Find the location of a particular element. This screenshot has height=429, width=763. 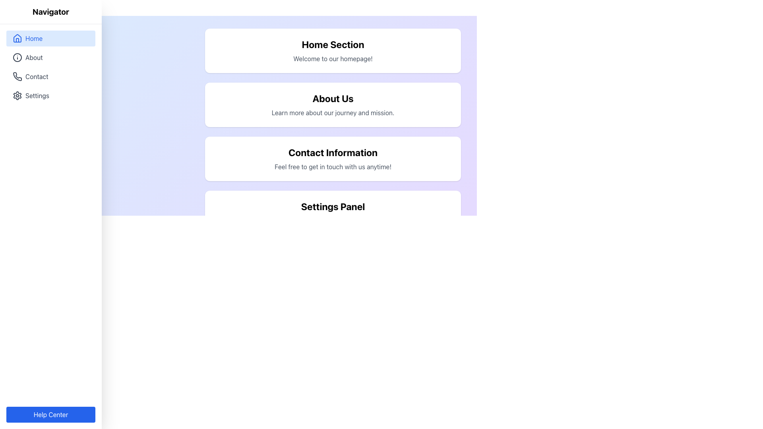

the navigation link text in the sidebar menu is located at coordinates (33, 38).